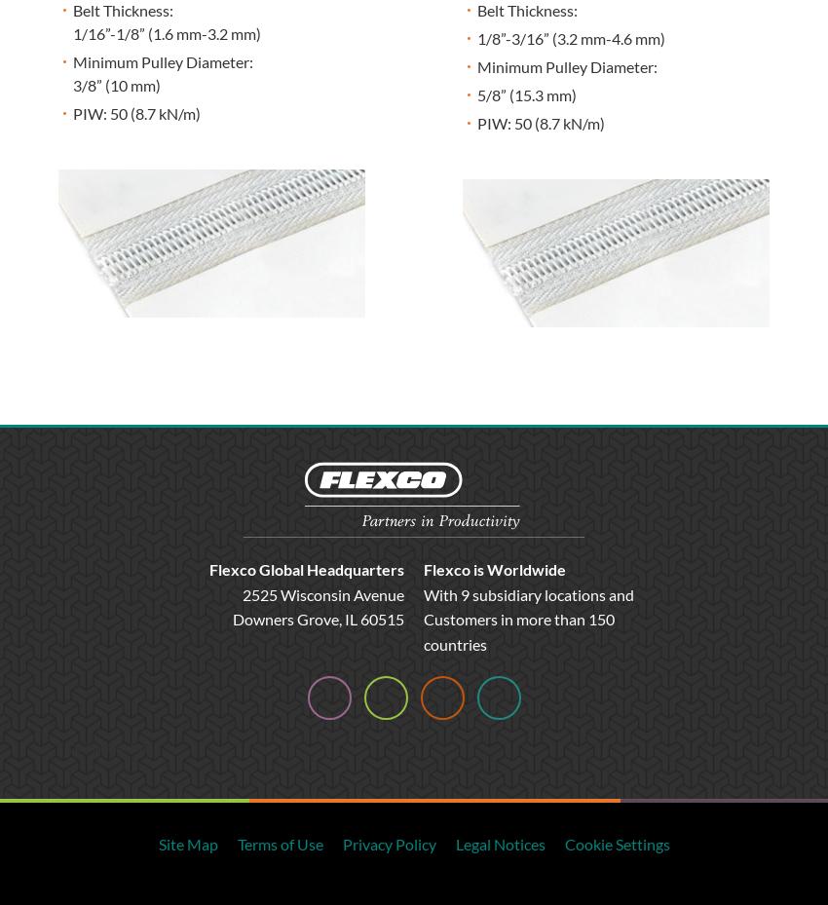 This screenshot has width=828, height=905. Describe the element at coordinates (527, 592) in the screenshot. I see `'With 9 subsidiary locations and'` at that location.